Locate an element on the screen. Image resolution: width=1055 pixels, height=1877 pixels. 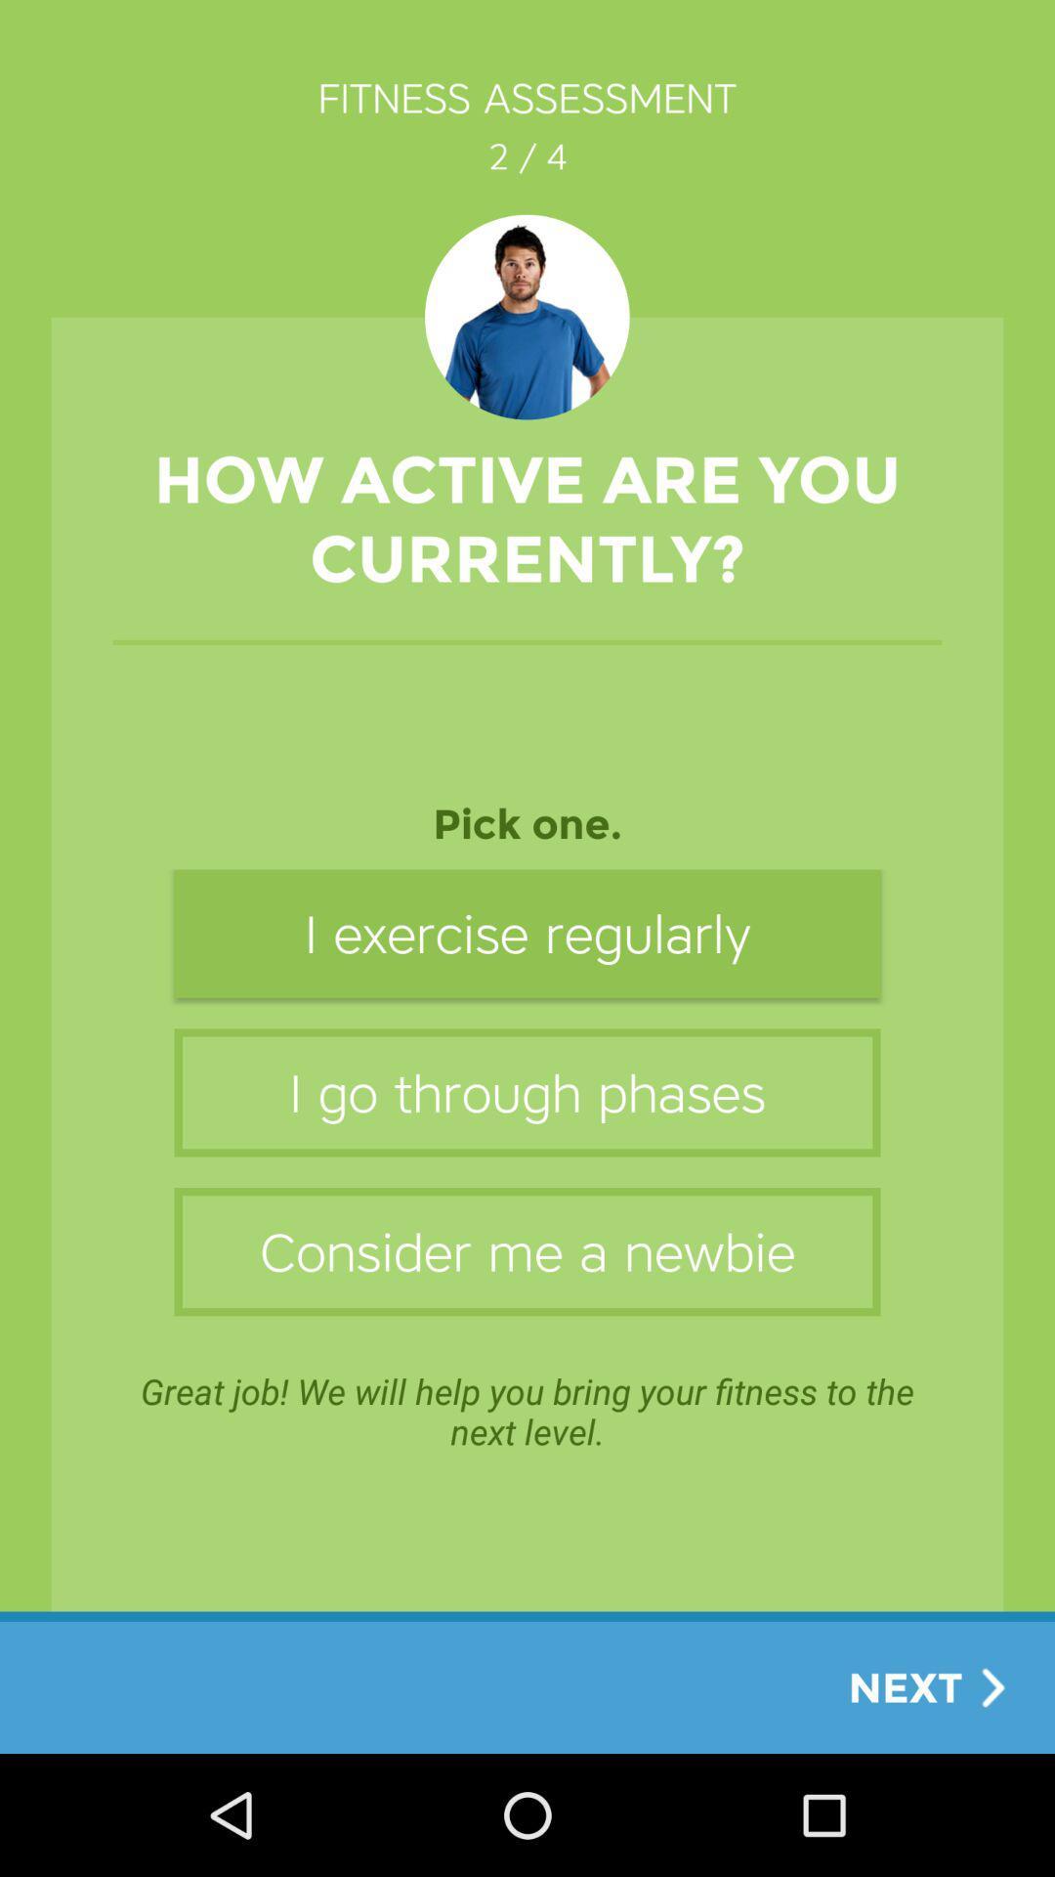
i go through item is located at coordinates (527, 1091).